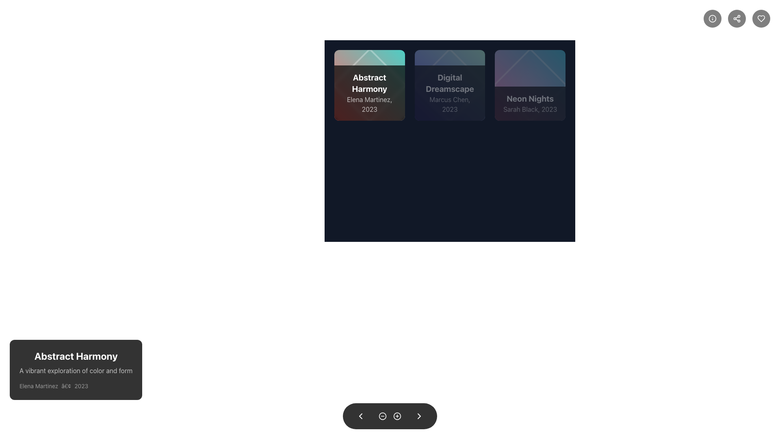  What do you see at coordinates (712, 18) in the screenshot?
I see `the information icon located in the top-right corner of the interface` at bounding box center [712, 18].